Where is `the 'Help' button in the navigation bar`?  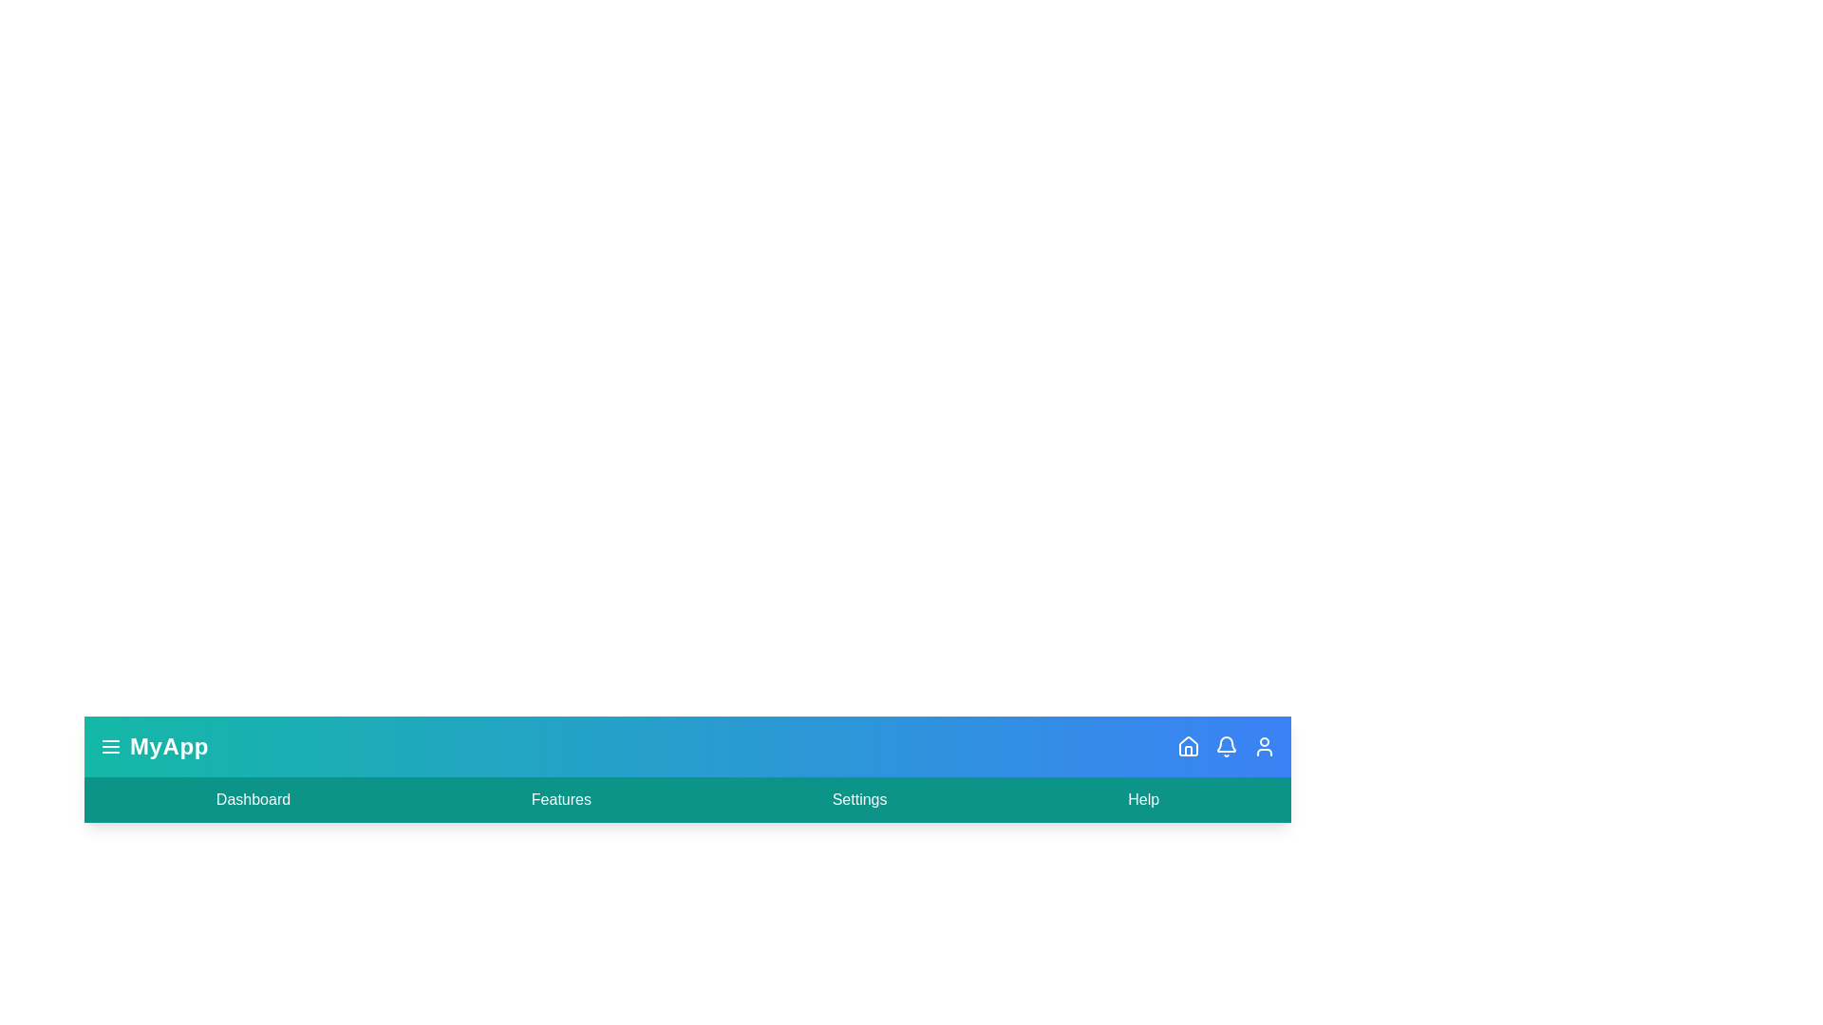 the 'Help' button in the navigation bar is located at coordinates (1142, 800).